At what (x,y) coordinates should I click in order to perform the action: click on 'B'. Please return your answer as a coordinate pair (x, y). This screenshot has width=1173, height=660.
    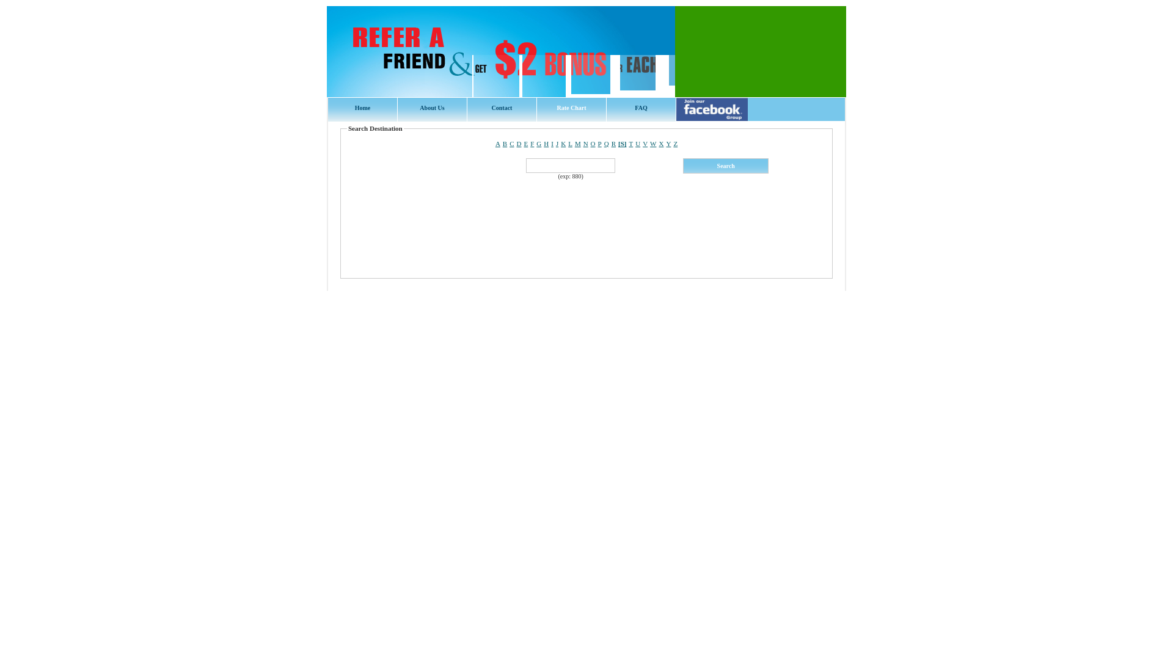
    Looking at the image, I should click on (505, 143).